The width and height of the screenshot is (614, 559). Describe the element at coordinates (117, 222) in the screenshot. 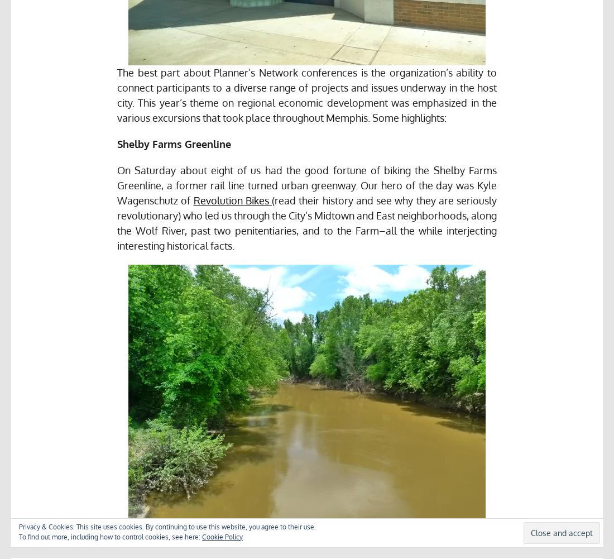

I see `'(read their history and see why they are seriously revolutionary) who led us through the City’s Midtown and East neighborhoods, along the Wolf River, past two penitentiaries, and to the Farm–all the while interjecting interesting historical facts.'` at that location.